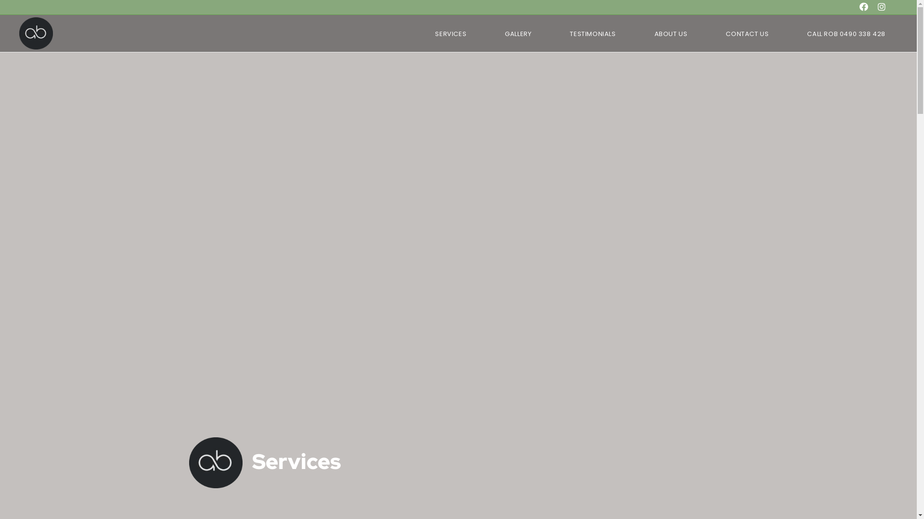  Describe the element at coordinates (746, 33) in the screenshot. I see `'CONTACT US'` at that location.